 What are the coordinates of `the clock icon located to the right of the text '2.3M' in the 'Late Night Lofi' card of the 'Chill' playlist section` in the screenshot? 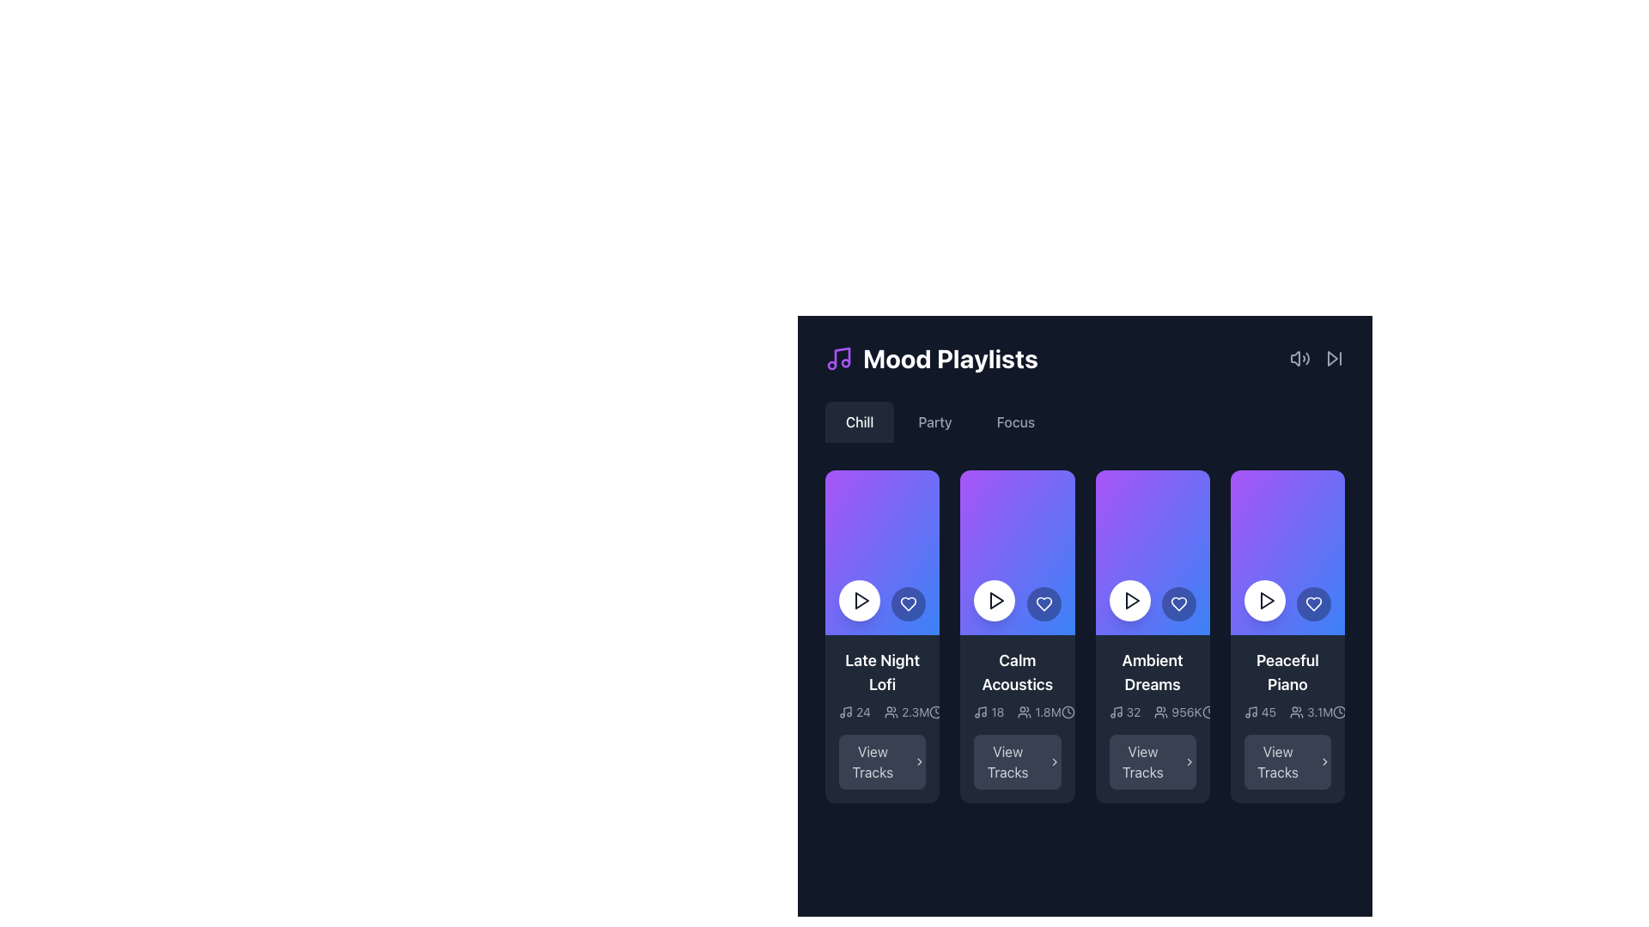 It's located at (935, 712).